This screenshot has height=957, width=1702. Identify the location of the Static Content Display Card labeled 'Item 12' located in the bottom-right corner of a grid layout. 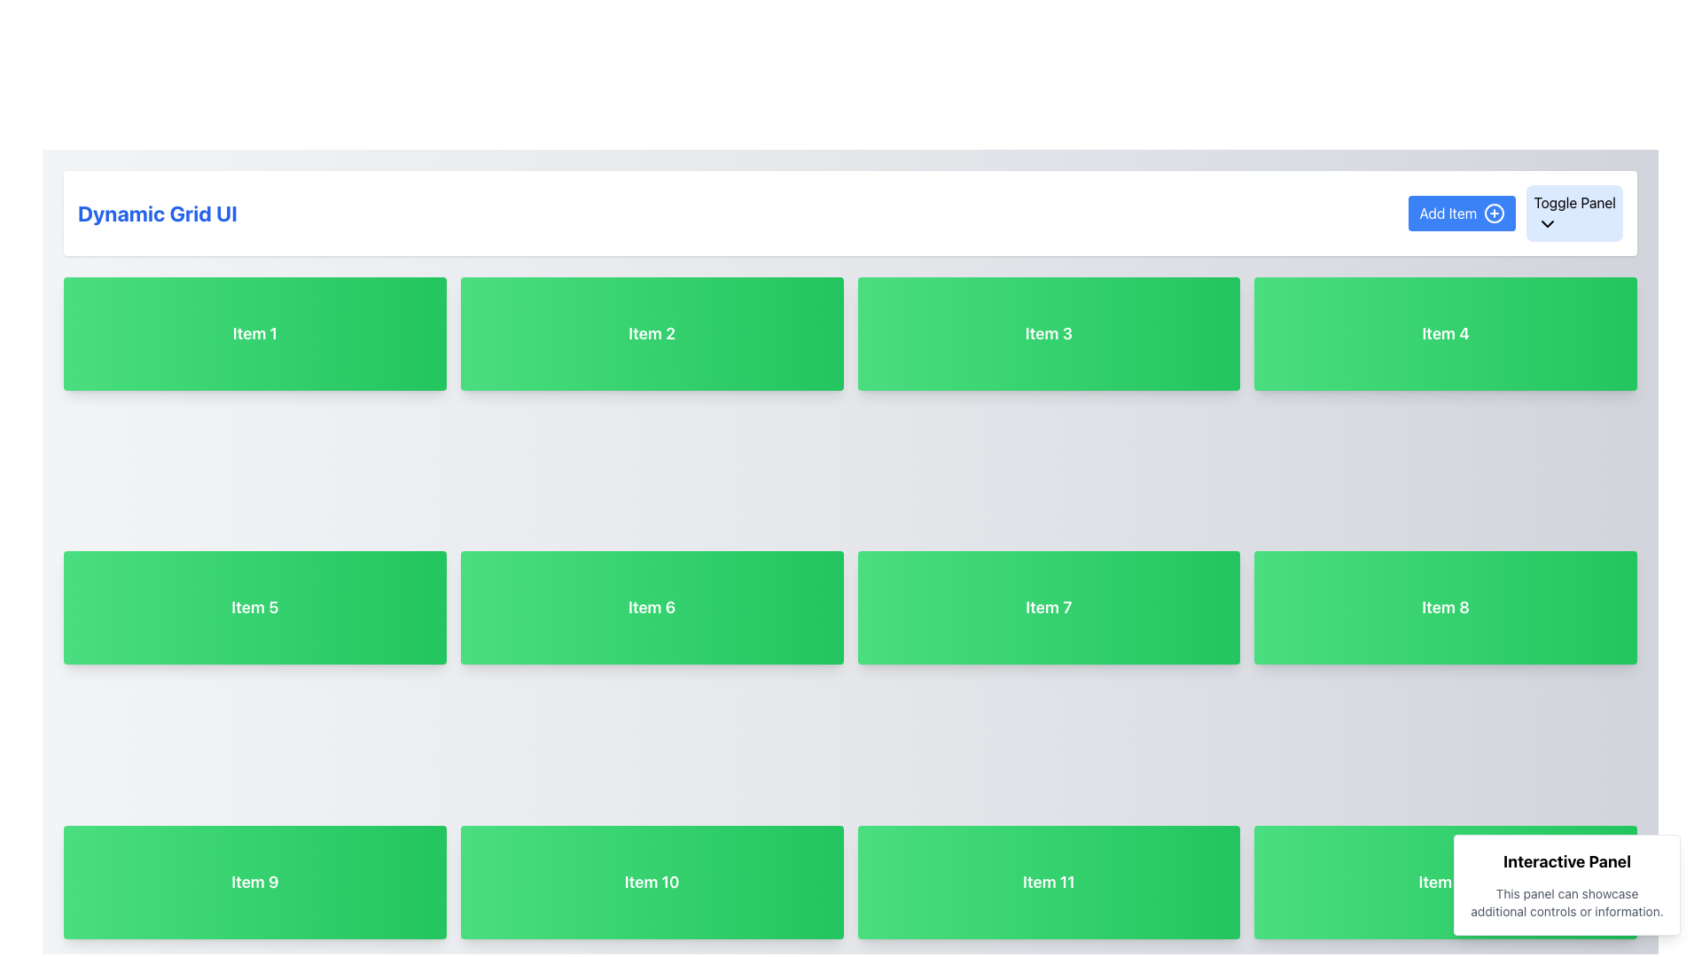
(1446, 882).